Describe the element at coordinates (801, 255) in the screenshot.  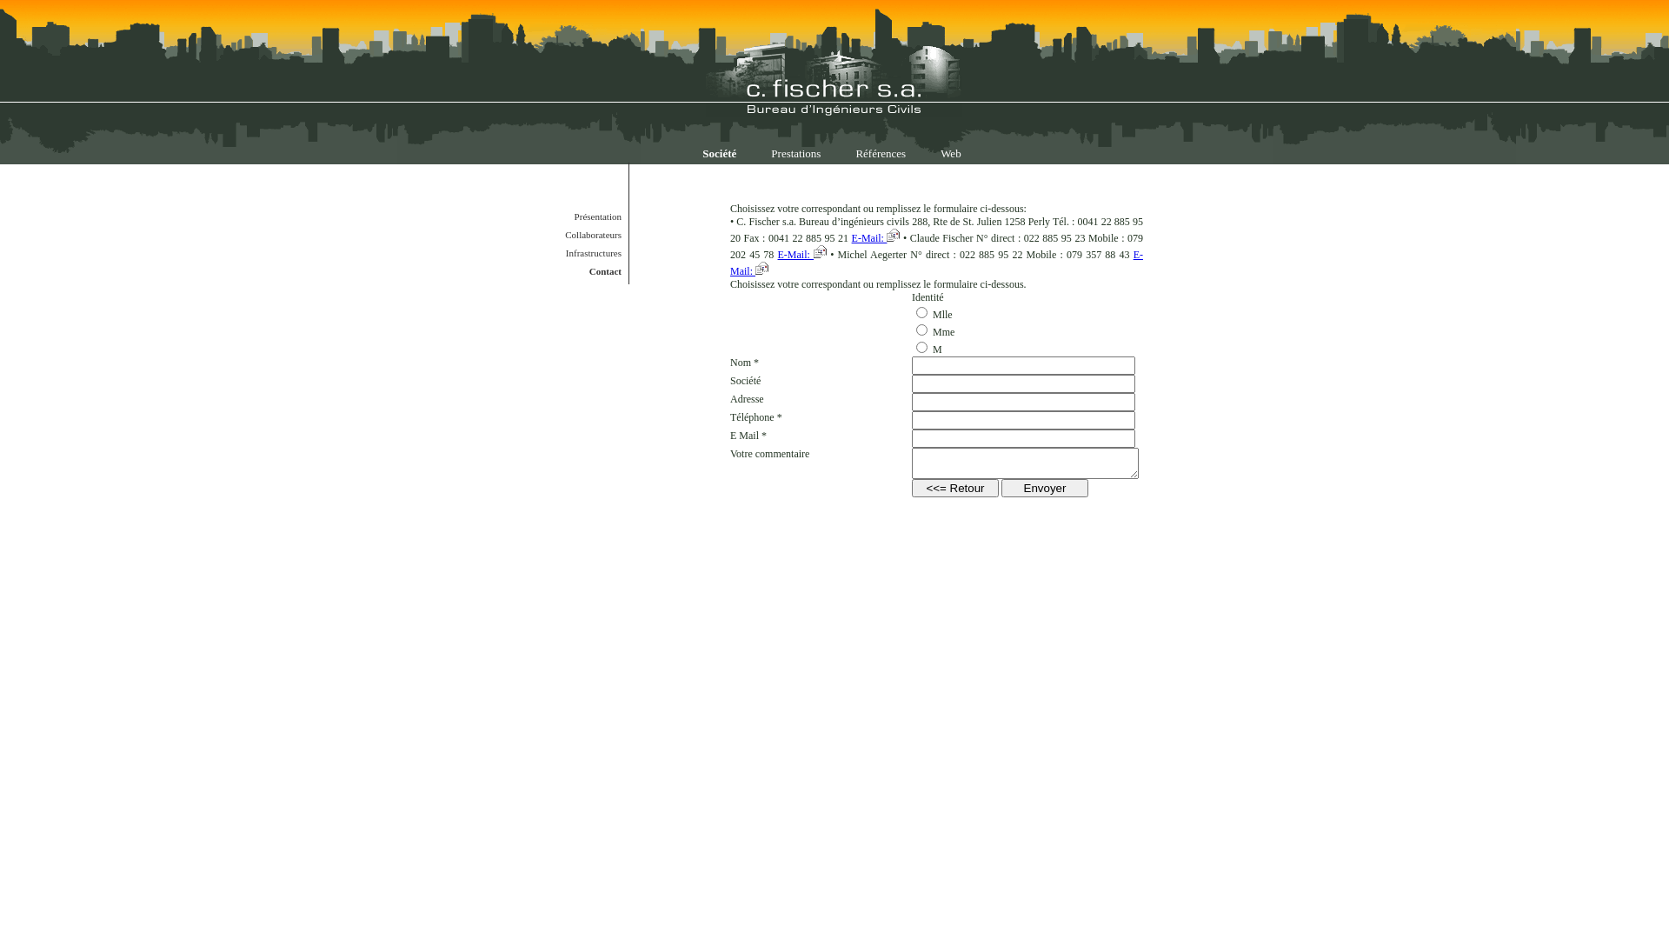
I see `'E-Mail:'` at that location.